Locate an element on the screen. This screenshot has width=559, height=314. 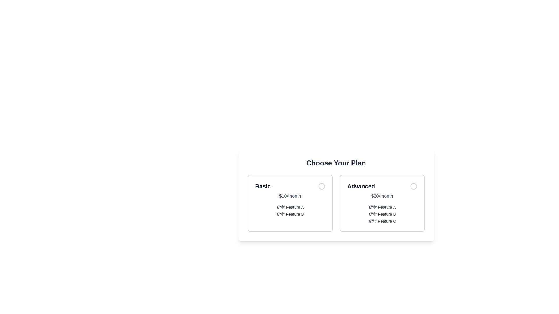
the circular radio button indicator located in the top-right corner of the 'Basic' card is located at coordinates (321, 186).